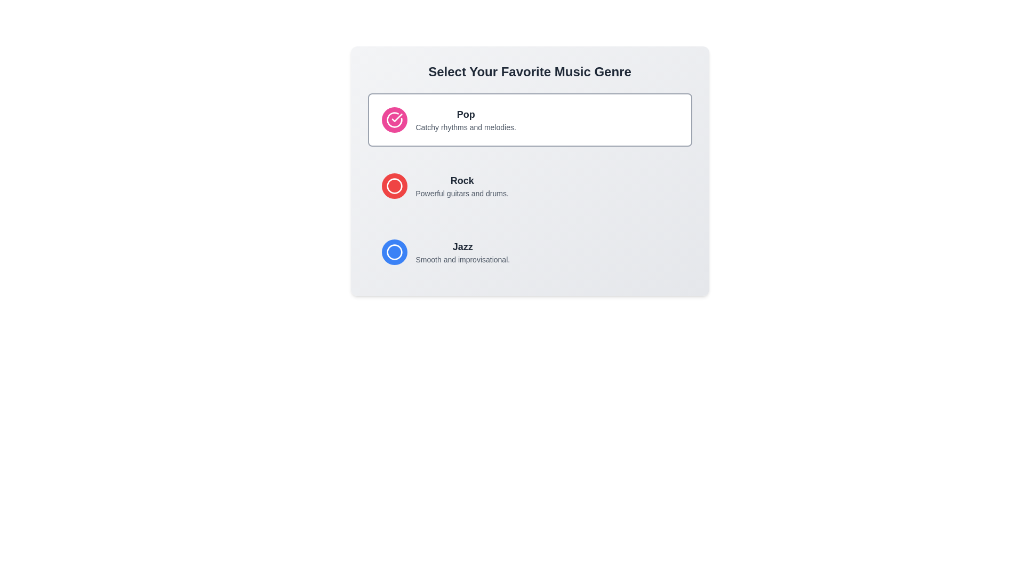 The height and width of the screenshot is (576, 1024). I want to click on the text element that reads 'Catchy rhythms and melodies.' which is styled with a smaller font and gray color, located beneath the bold header 'Pop' in the upper-left quadrant of the interface, so click(466, 127).